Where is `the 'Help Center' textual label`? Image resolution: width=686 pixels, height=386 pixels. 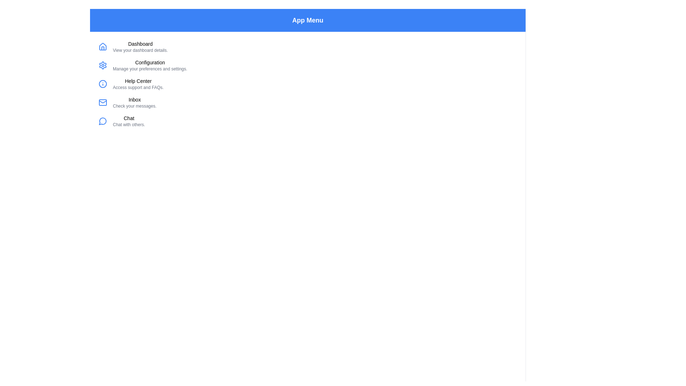
the 'Help Center' textual label is located at coordinates (138, 84).